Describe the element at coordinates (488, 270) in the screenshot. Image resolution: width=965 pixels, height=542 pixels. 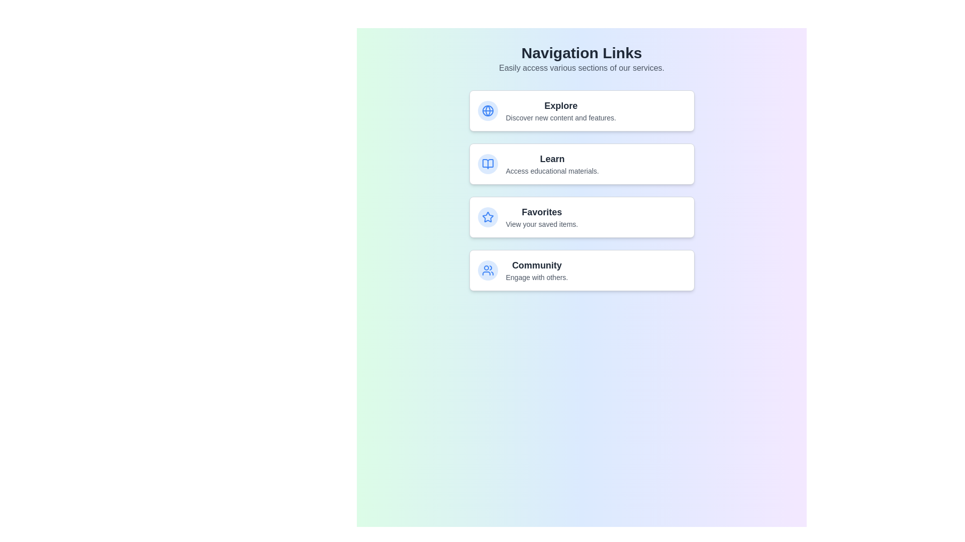
I see `the 'Community' icon in the navigation menu, which is the last link in the list, visually representing the 'Community' section` at that location.